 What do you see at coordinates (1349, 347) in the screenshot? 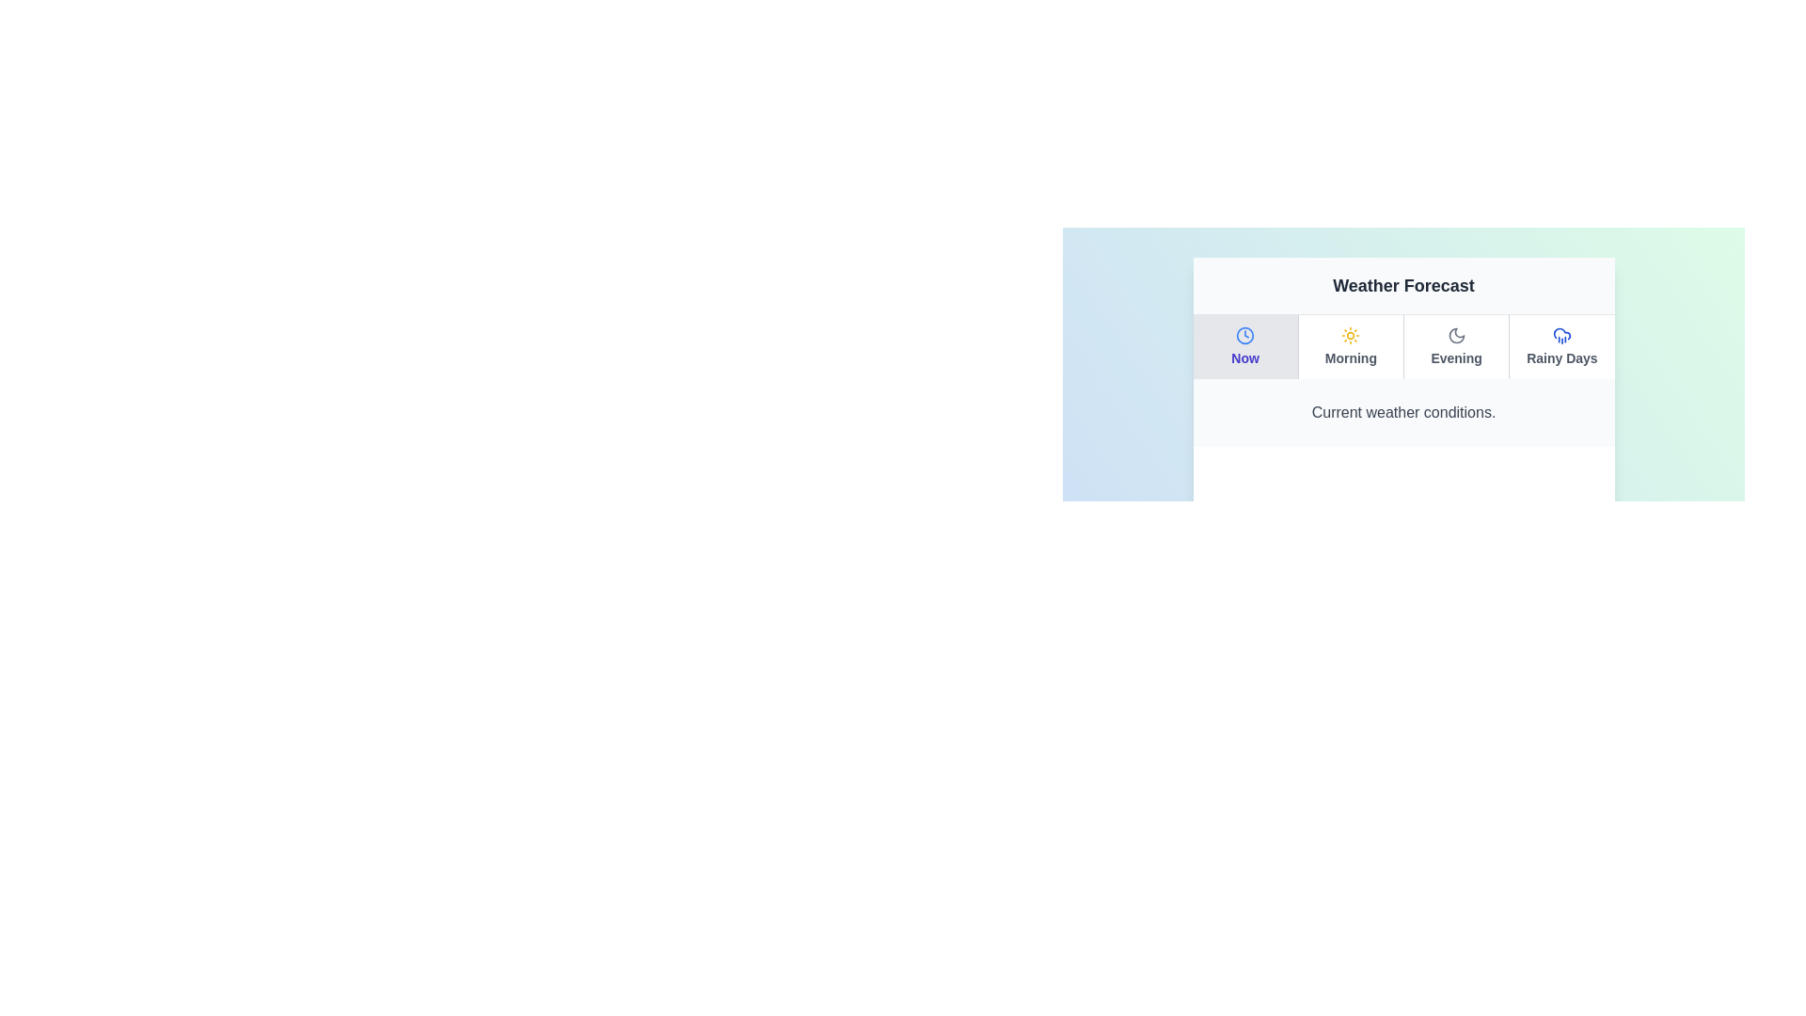
I see `the 'Morning' button, which displays a sun icon and the text 'Morning'` at bounding box center [1349, 347].